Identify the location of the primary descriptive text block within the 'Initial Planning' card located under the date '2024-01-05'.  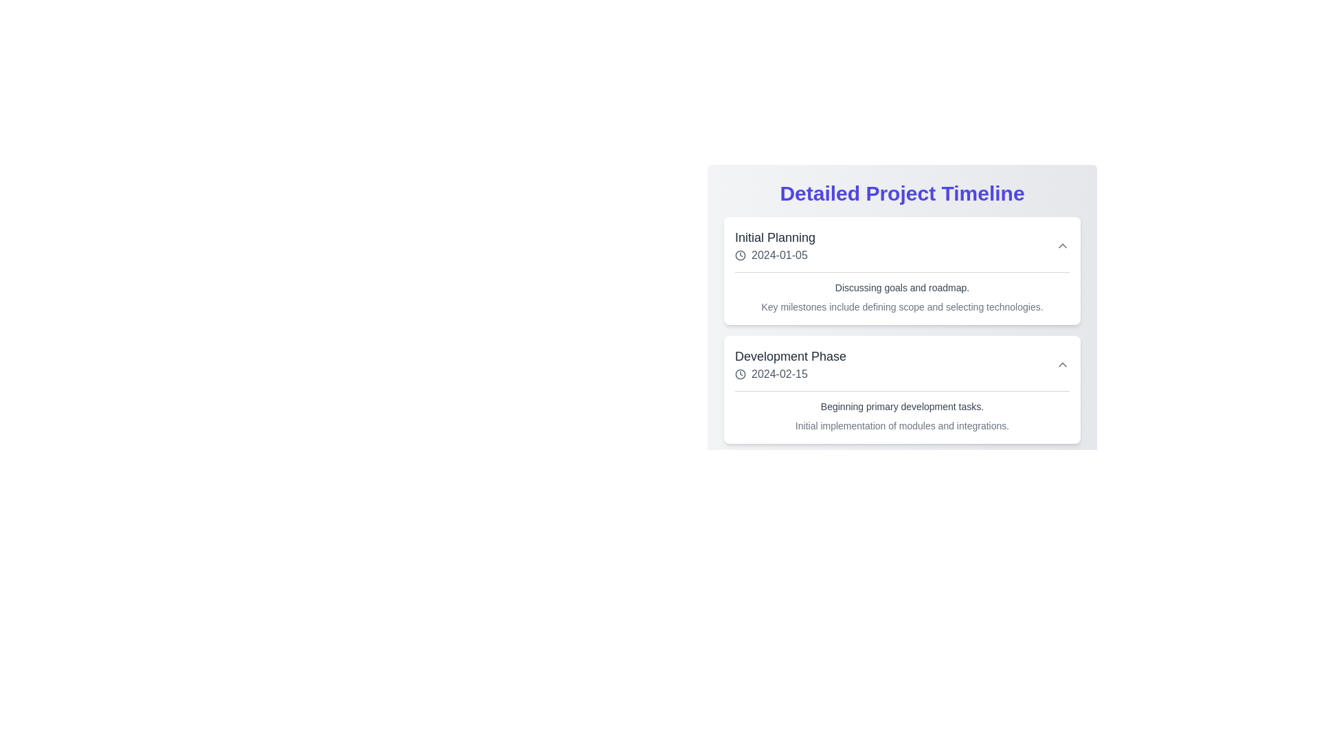
(902, 292).